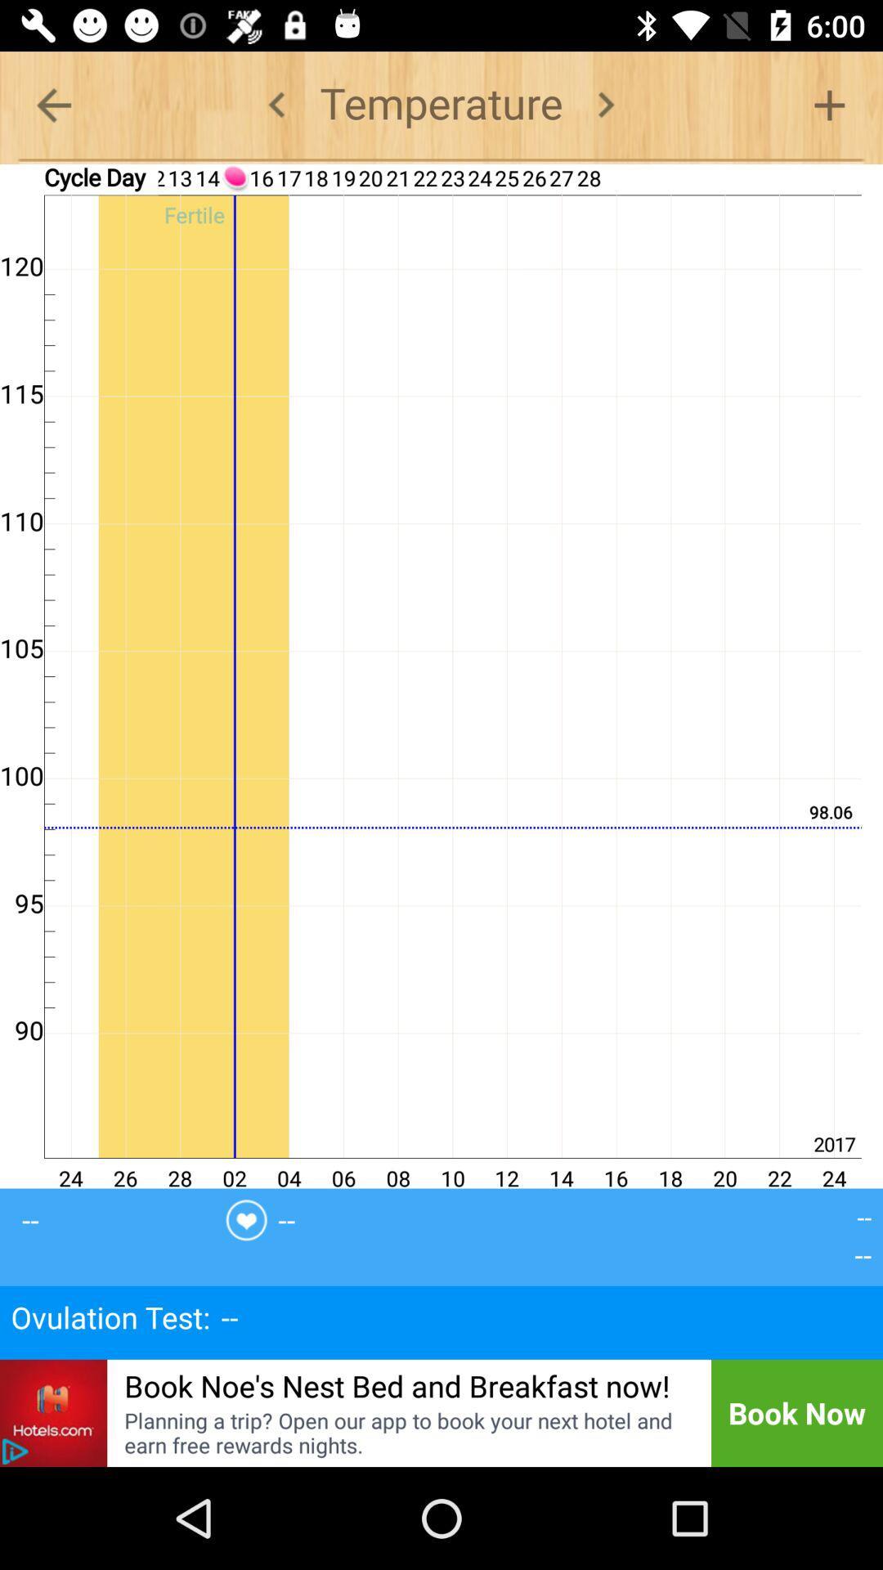  Describe the element at coordinates (829, 104) in the screenshot. I see `new data` at that location.